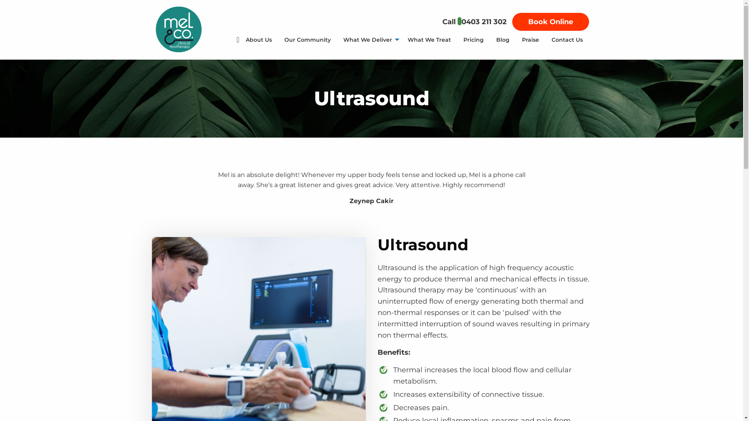 This screenshot has height=421, width=749. What do you see at coordinates (550, 21) in the screenshot?
I see `'Book Online'` at bounding box center [550, 21].